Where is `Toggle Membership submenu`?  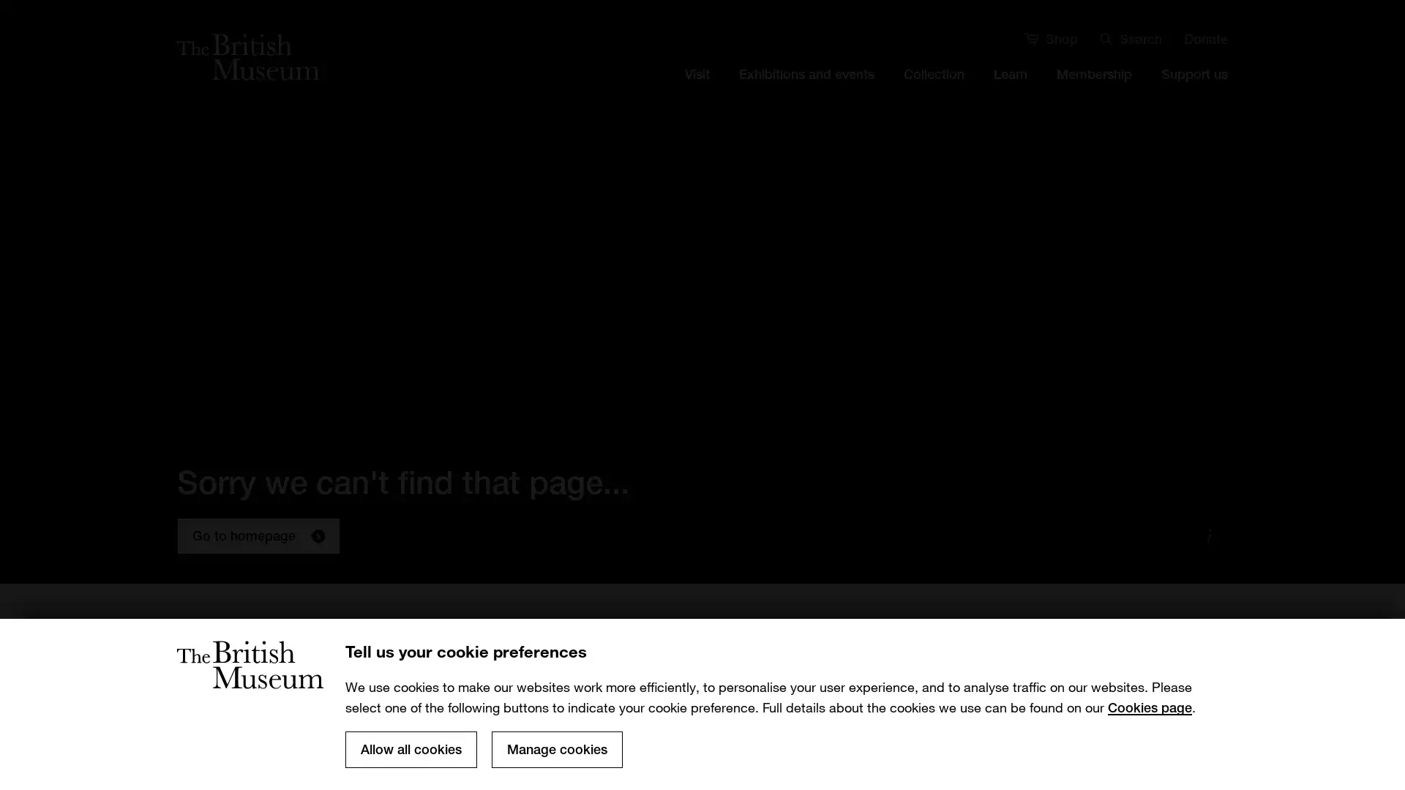 Toggle Membership submenu is located at coordinates (1093, 102).